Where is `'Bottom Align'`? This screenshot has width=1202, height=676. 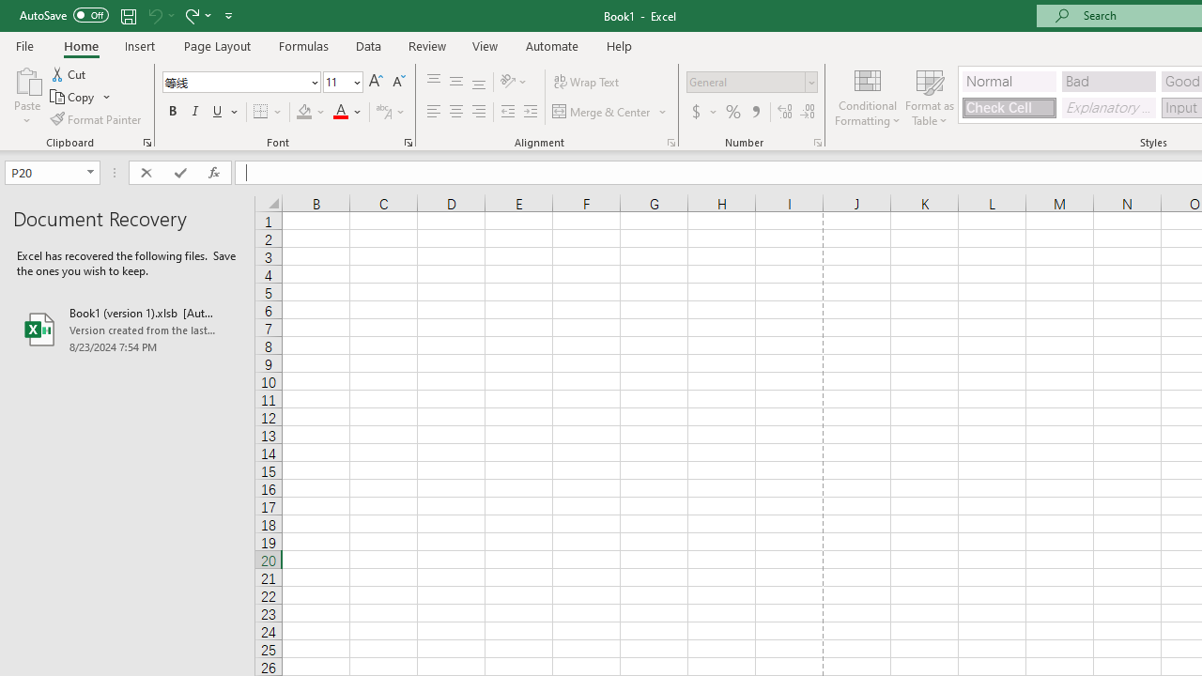 'Bottom Align' is located at coordinates (479, 81).